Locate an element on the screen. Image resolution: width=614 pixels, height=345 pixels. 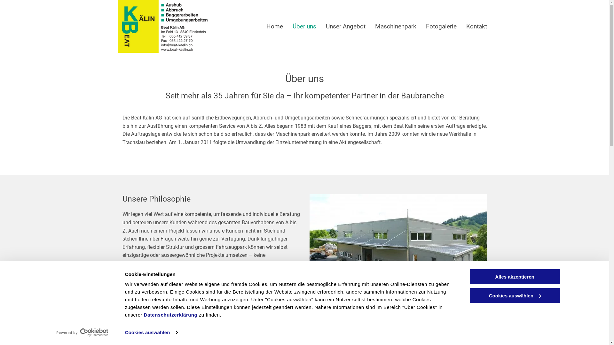
'Zum Angebot' is located at coordinates (146, 295).